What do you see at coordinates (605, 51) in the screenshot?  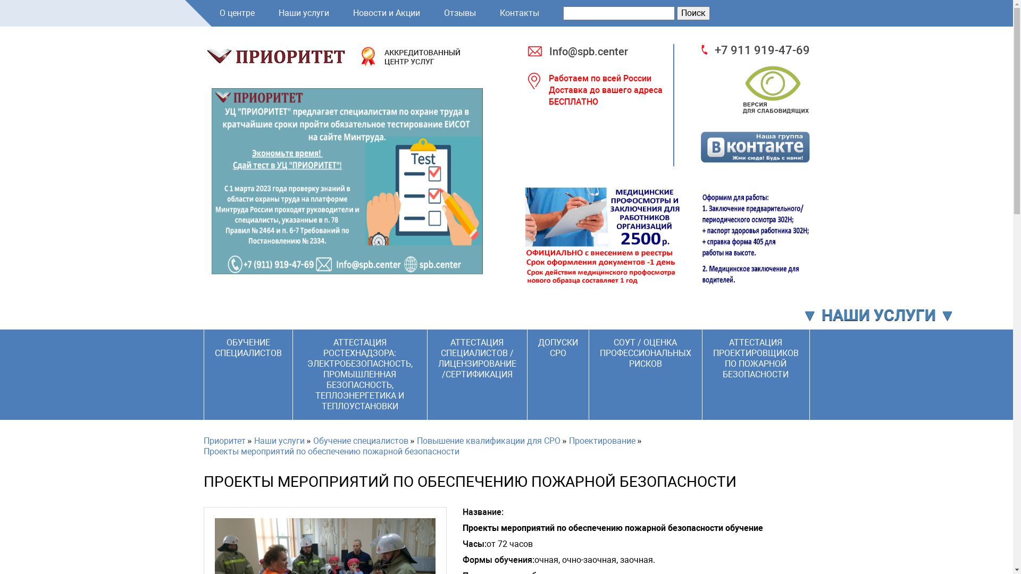 I see `'Info@spb.center'` at bounding box center [605, 51].